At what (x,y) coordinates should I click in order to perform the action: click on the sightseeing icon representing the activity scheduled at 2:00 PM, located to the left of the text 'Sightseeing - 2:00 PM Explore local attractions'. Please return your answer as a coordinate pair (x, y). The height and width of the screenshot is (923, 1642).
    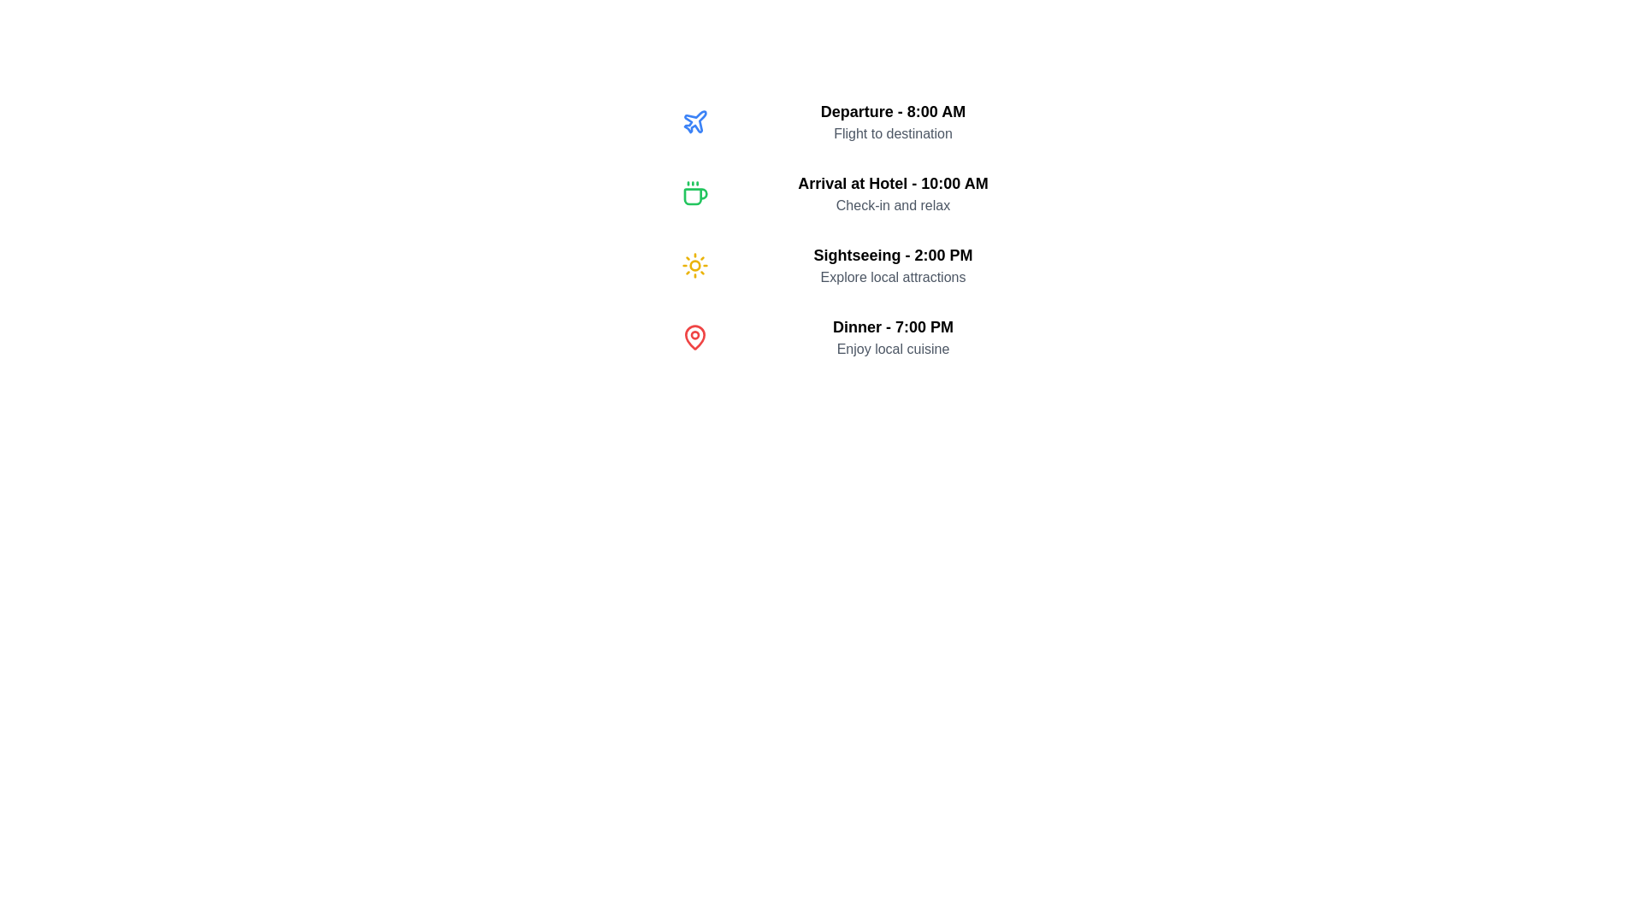
    Looking at the image, I should click on (694, 266).